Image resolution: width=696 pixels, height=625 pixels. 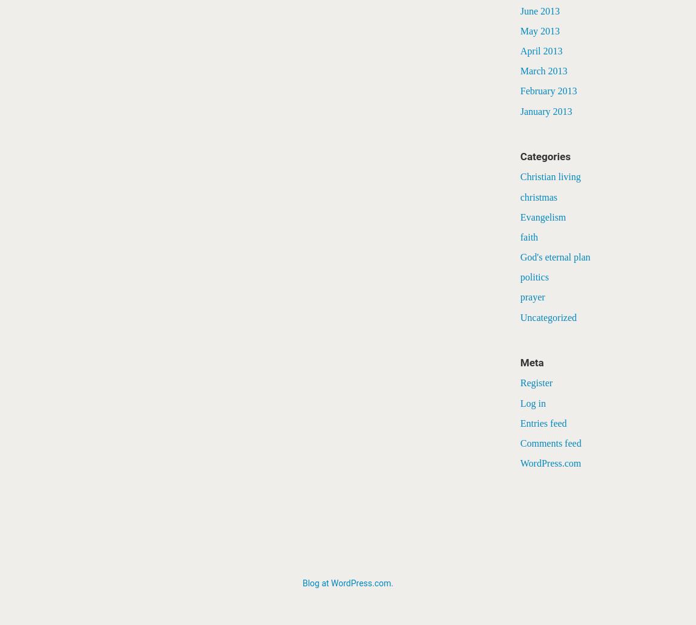 What do you see at coordinates (538, 196) in the screenshot?
I see `'christmas'` at bounding box center [538, 196].